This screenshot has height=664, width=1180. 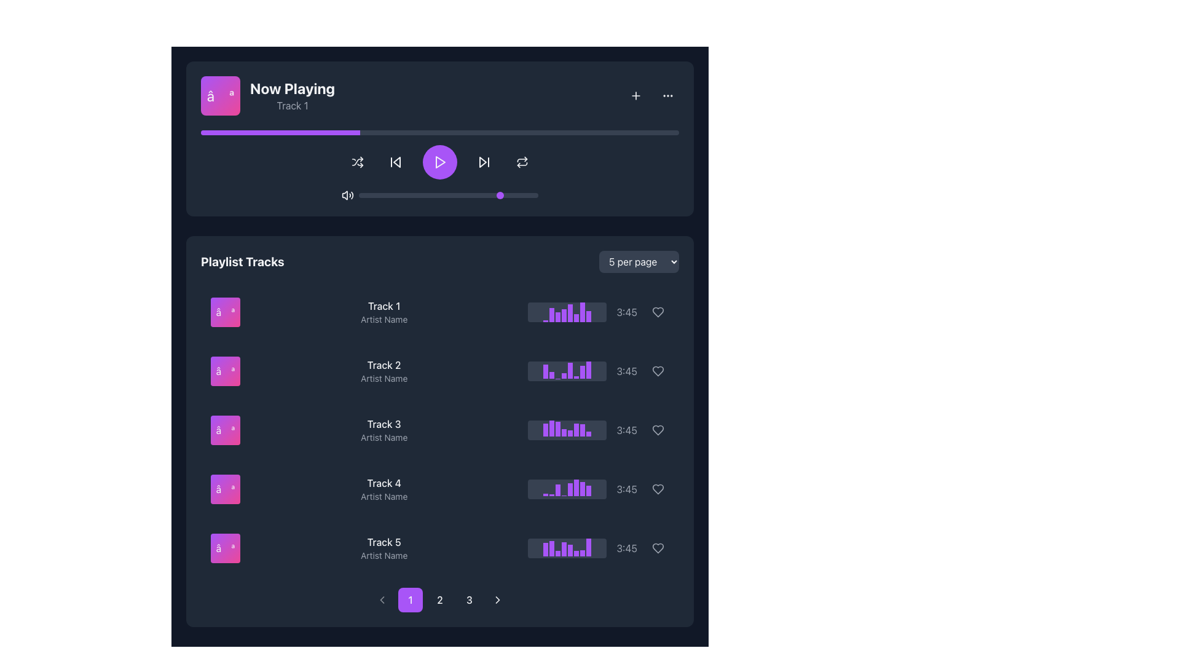 What do you see at coordinates (567, 488) in the screenshot?
I see `the bar graph visualization representing track 4, located next to the track duration '3:45' and left of the heart icon` at bounding box center [567, 488].